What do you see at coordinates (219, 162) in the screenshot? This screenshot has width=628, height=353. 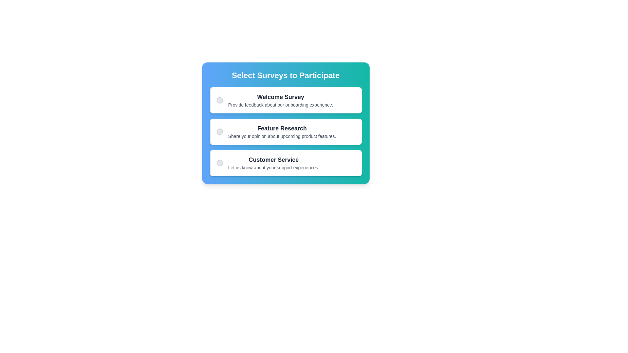 I see `the circular button on the leftmost side of the 'Customer Service' option row to select this survey` at bounding box center [219, 162].